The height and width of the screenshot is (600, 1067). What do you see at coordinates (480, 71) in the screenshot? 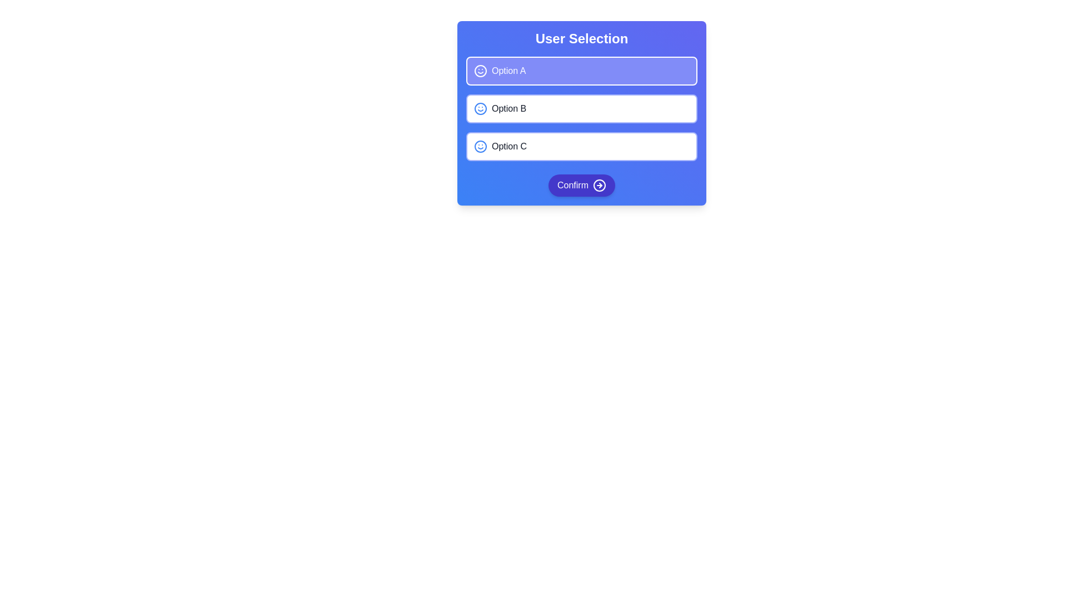
I see `the Circular Boundary element located in the 'User Selection' panel under 'Option A' to indicate the selection category` at bounding box center [480, 71].